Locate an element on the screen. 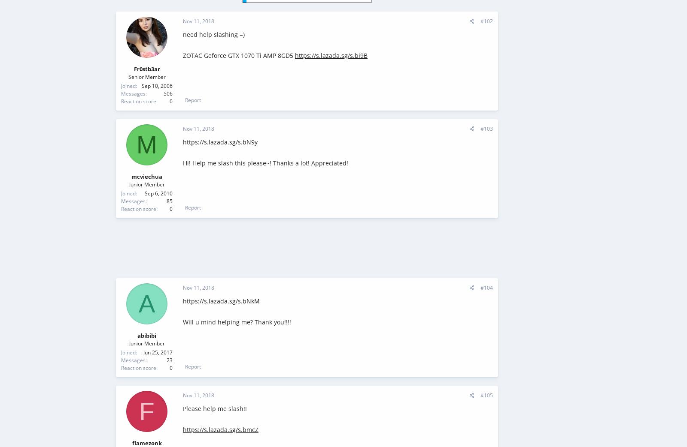  'F' is located at coordinates (146, 411).